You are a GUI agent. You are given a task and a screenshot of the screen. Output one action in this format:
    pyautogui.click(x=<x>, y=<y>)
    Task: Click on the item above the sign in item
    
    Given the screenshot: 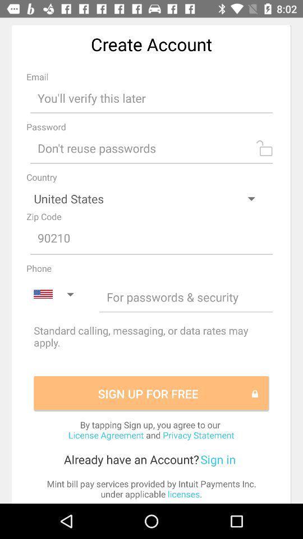 What is the action you would take?
    pyautogui.click(x=151, y=429)
    